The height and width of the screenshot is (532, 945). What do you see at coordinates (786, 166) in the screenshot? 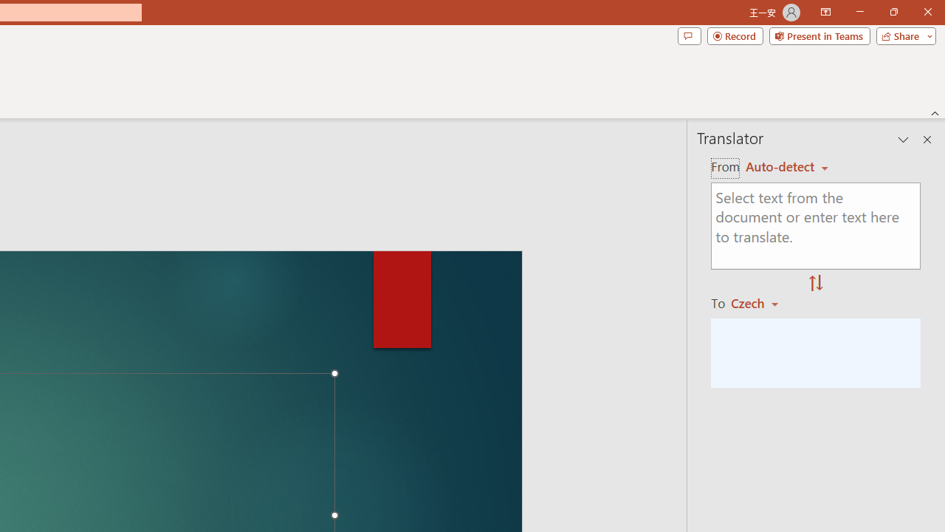
I see `'Auto-detect'` at bounding box center [786, 166].